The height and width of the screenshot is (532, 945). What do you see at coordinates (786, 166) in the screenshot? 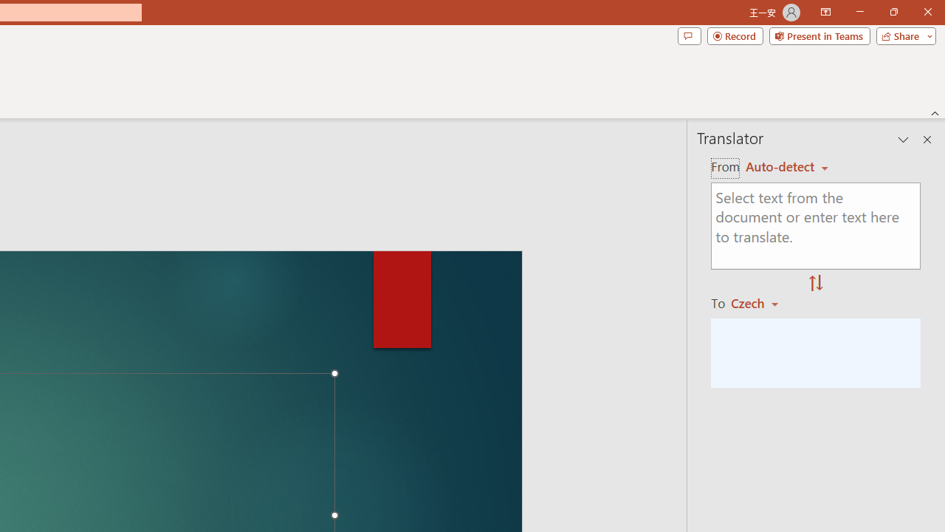
I see `'Auto-detect'` at bounding box center [786, 166].